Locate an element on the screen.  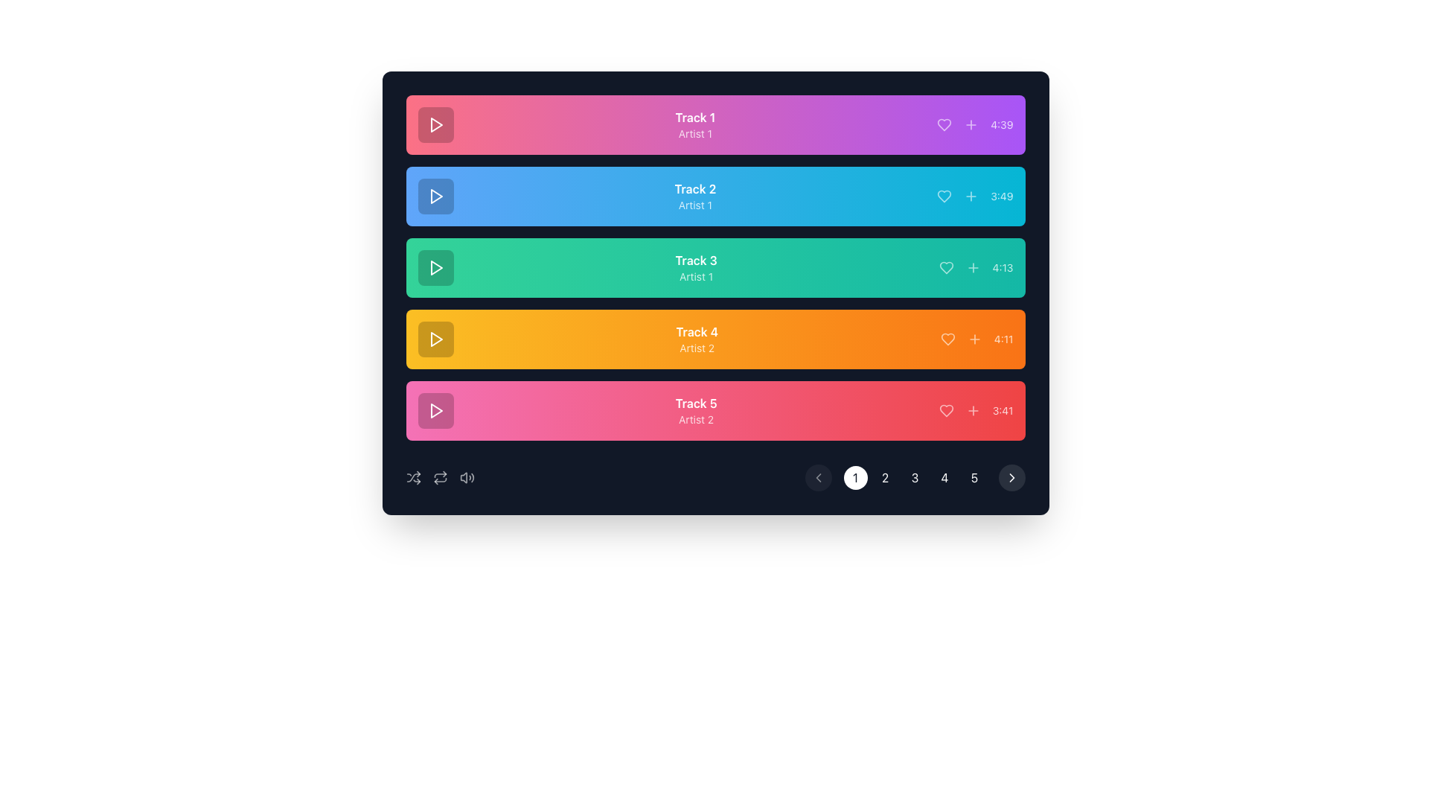
the Interactive heart-shaped icon is located at coordinates (944, 195).